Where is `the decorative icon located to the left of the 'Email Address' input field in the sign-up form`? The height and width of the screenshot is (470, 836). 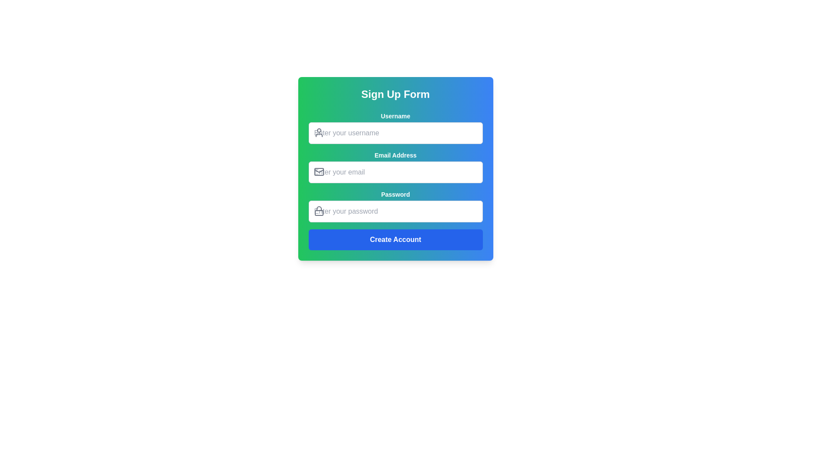
the decorative icon located to the left of the 'Email Address' input field in the sign-up form is located at coordinates (318, 171).